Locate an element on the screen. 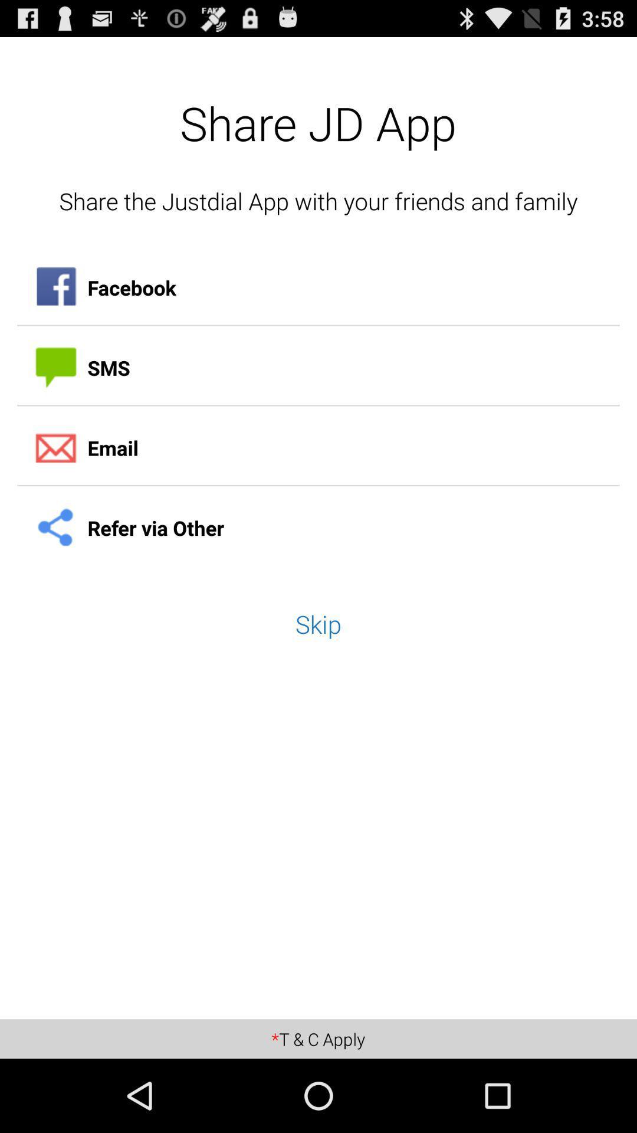  the email is located at coordinates (318, 447).